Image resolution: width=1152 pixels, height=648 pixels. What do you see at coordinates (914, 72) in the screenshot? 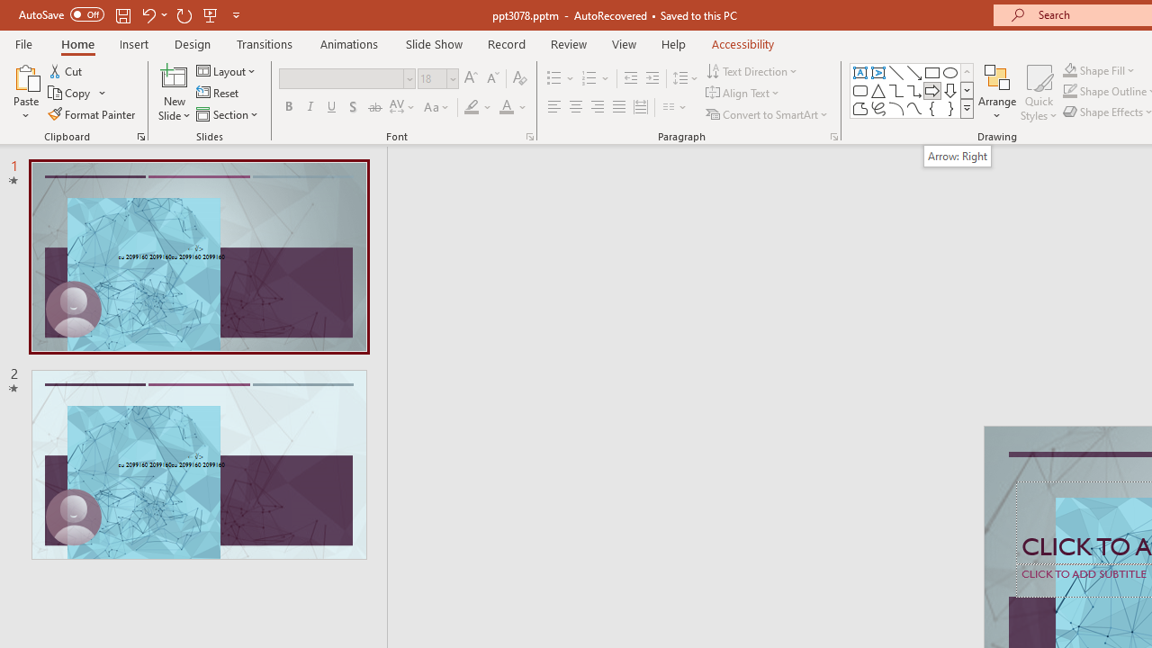
I see `'Line Arrow'` at bounding box center [914, 72].